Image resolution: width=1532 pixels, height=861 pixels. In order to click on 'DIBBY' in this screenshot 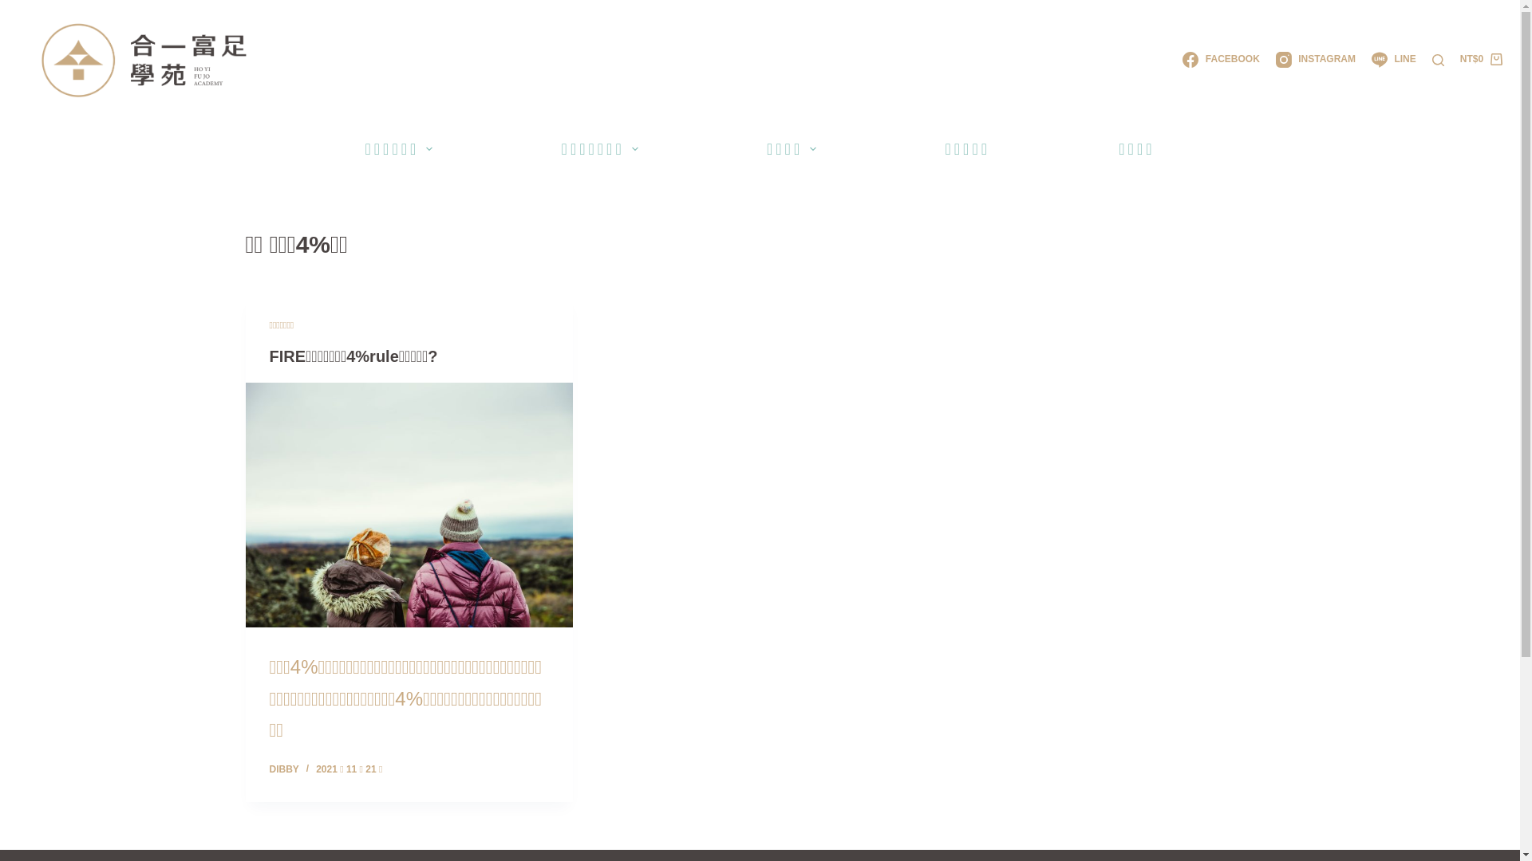, I will do `click(284, 768)`.